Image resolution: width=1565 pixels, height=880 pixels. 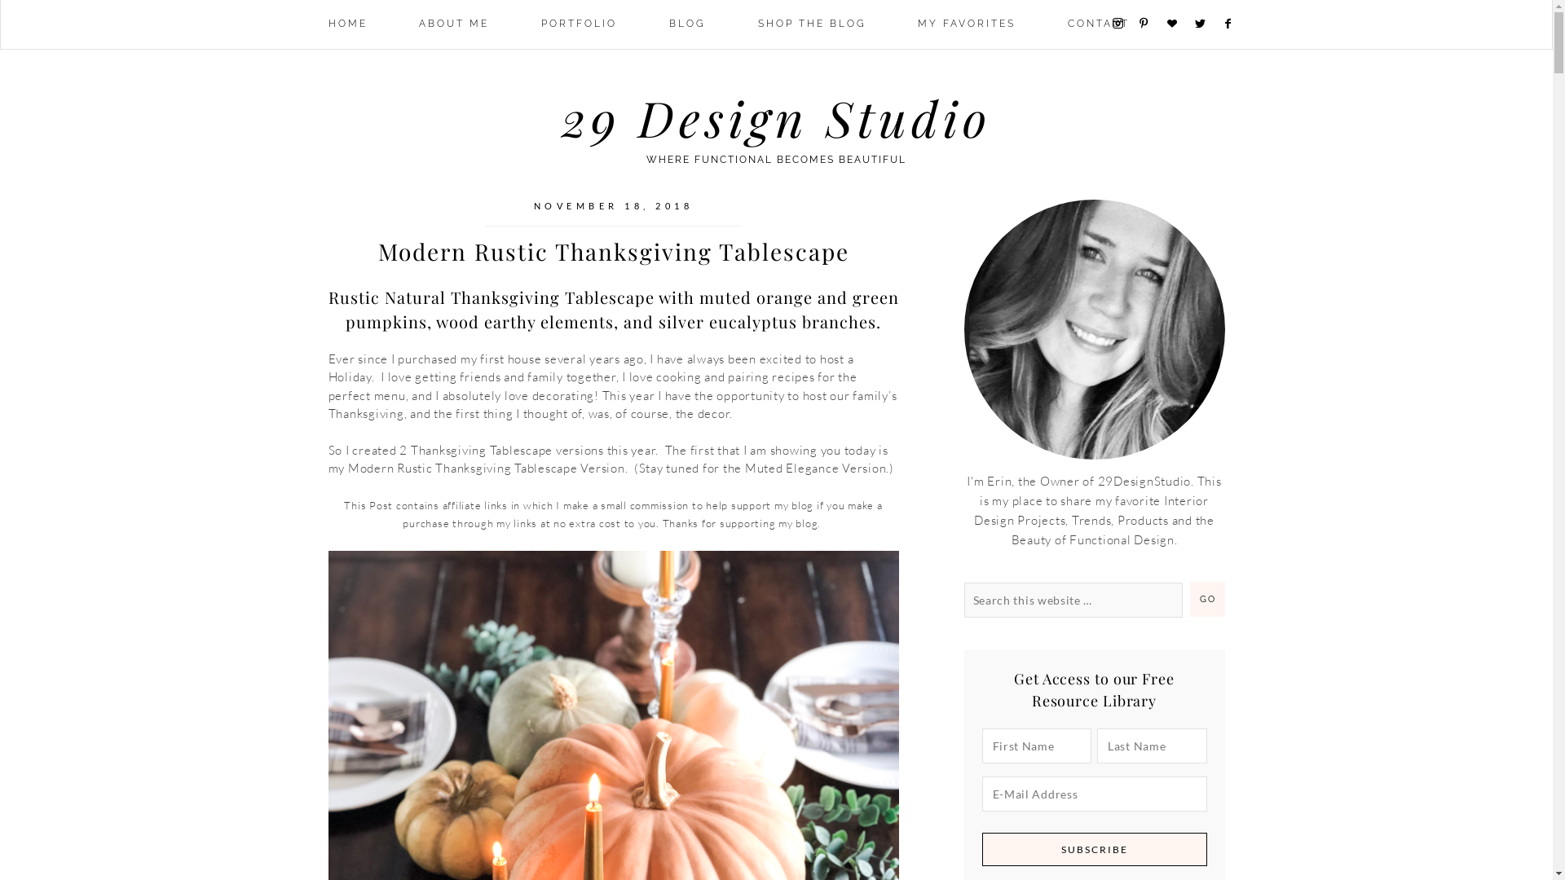 What do you see at coordinates (775, 116) in the screenshot?
I see `'29 Design Studio'` at bounding box center [775, 116].